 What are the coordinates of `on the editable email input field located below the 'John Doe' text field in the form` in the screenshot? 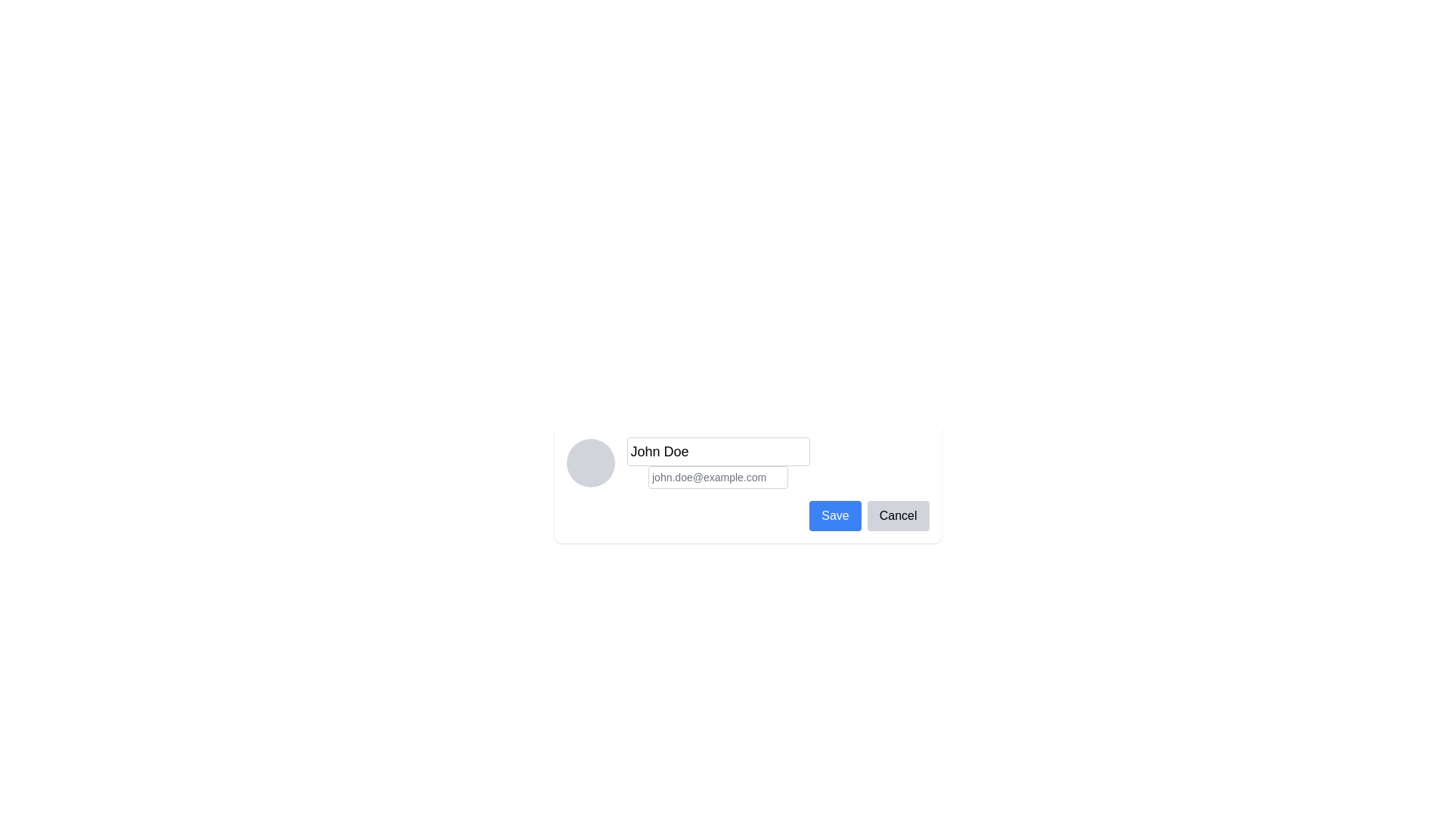 It's located at (717, 478).